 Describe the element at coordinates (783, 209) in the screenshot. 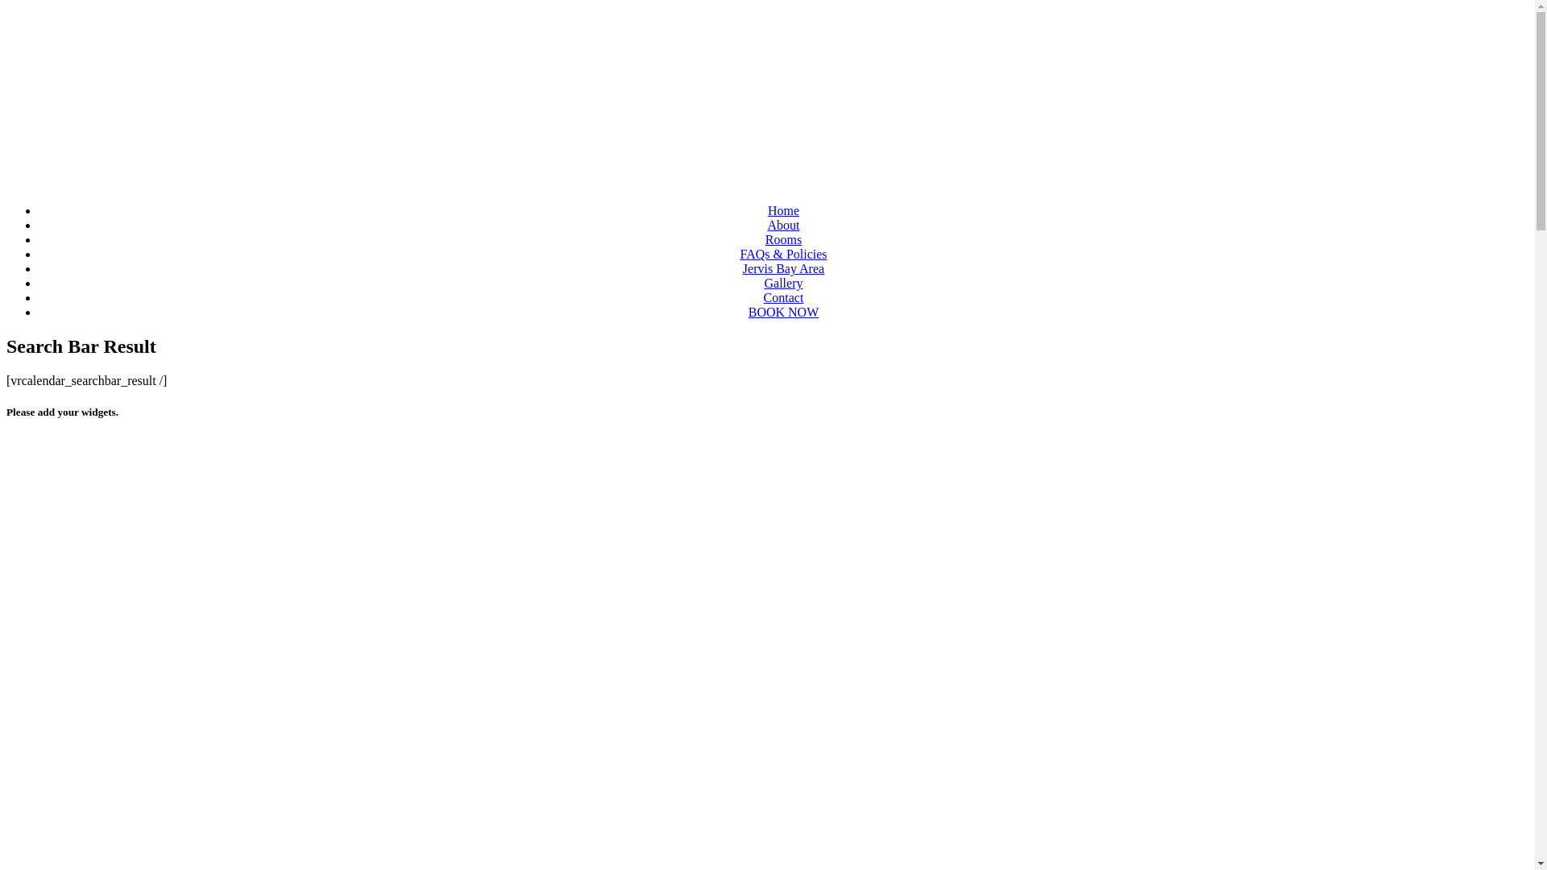

I see `'Home'` at that location.